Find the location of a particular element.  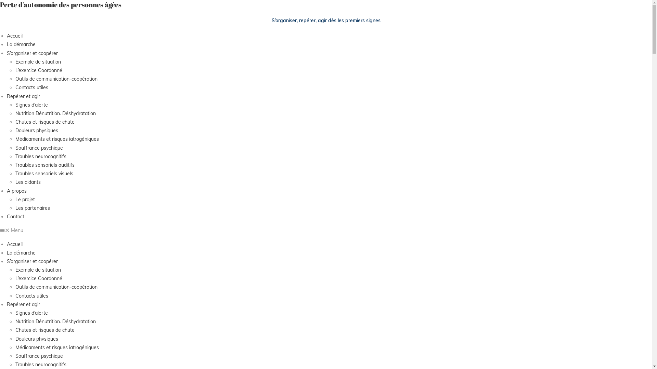

'Contact' is located at coordinates (15, 216).